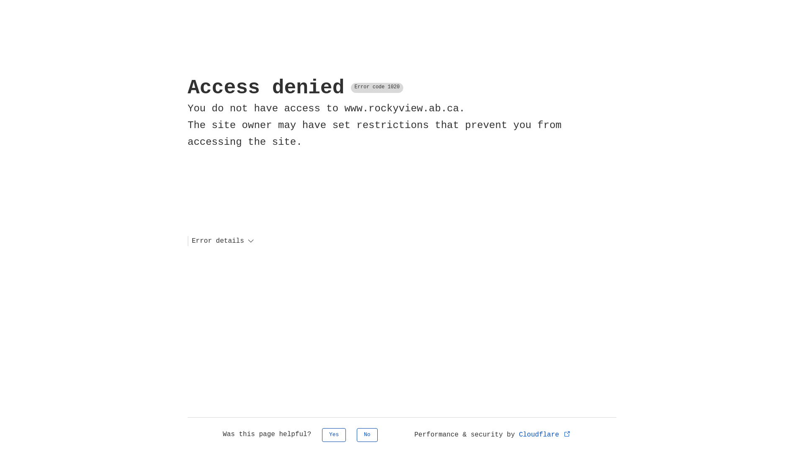 Image resolution: width=804 pixels, height=452 pixels. Describe the element at coordinates (333, 434) in the screenshot. I see `'Yes'` at that location.